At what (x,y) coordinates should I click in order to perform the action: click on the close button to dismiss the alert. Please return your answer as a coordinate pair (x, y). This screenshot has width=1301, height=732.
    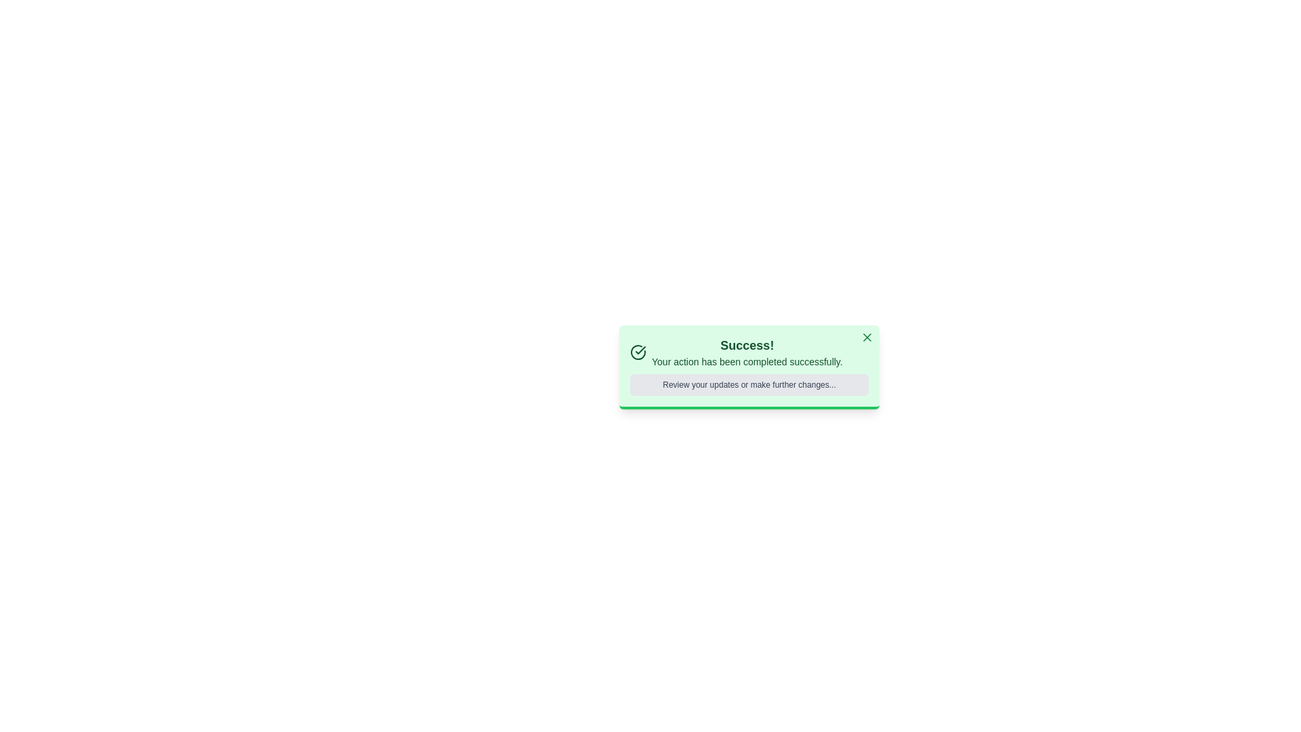
    Looking at the image, I should click on (867, 336).